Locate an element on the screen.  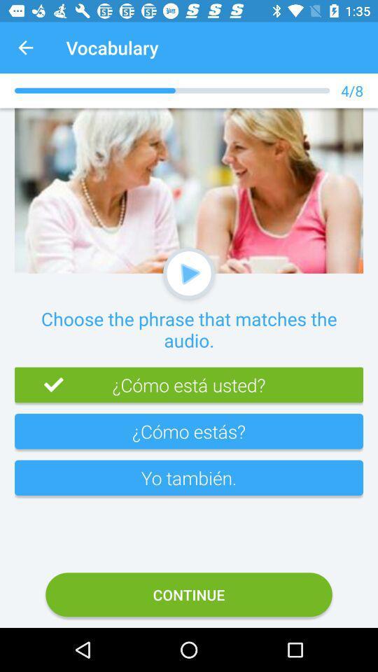
continue is located at coordinates (189, 594).